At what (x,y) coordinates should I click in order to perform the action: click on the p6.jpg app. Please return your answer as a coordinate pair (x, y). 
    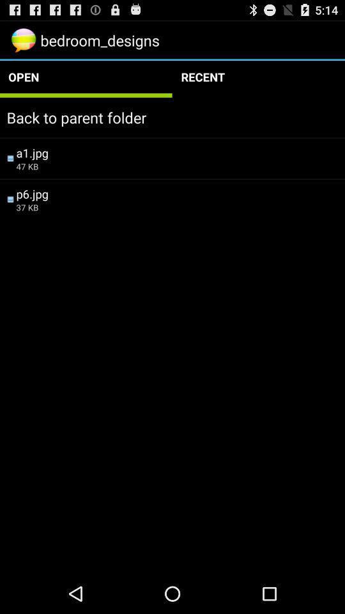
    Looking at the image, I should click on (176, 193).